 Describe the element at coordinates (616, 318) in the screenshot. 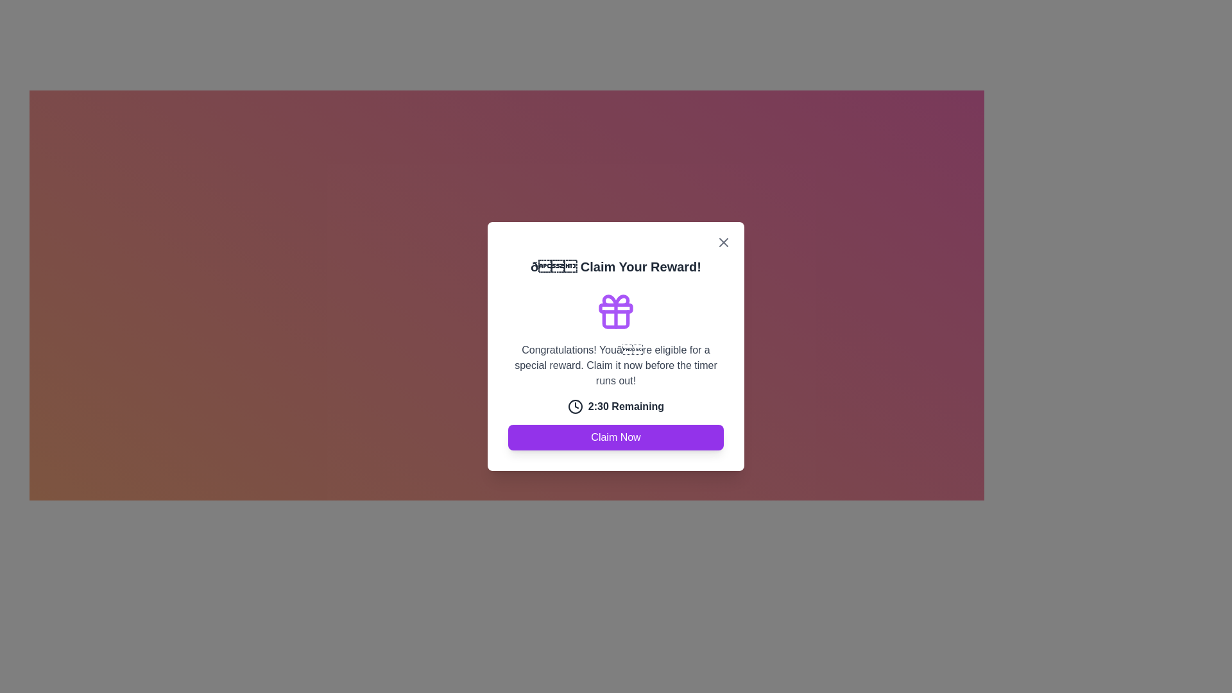

I see `the Decorative Icon which is a purple gift box icon located at the center of the dialog box, directly below the header 'Claim Your Reward!' and above the descriptive text` at that location.